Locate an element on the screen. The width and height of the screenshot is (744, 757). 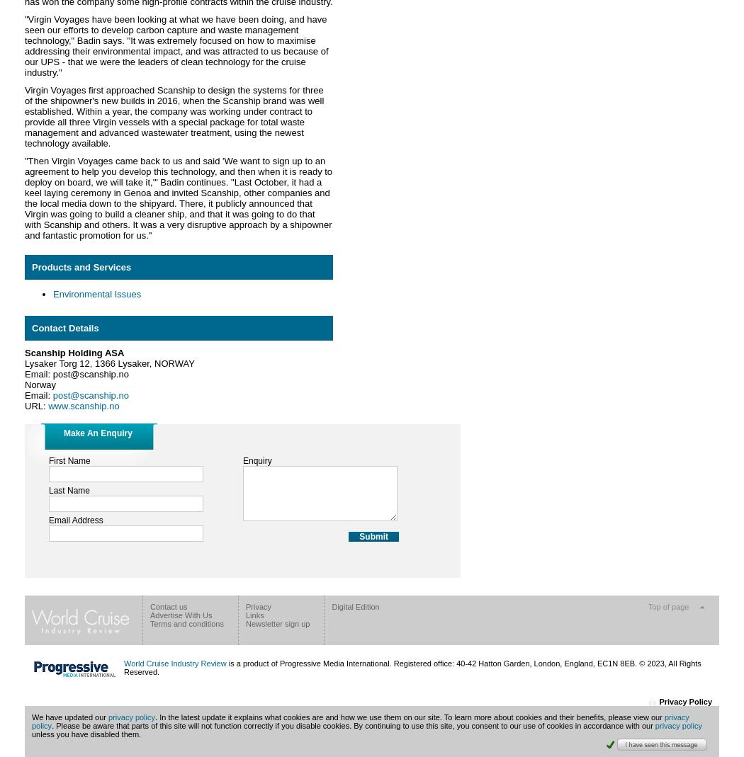
'We have updated our' is located at coordinates (70, 717).